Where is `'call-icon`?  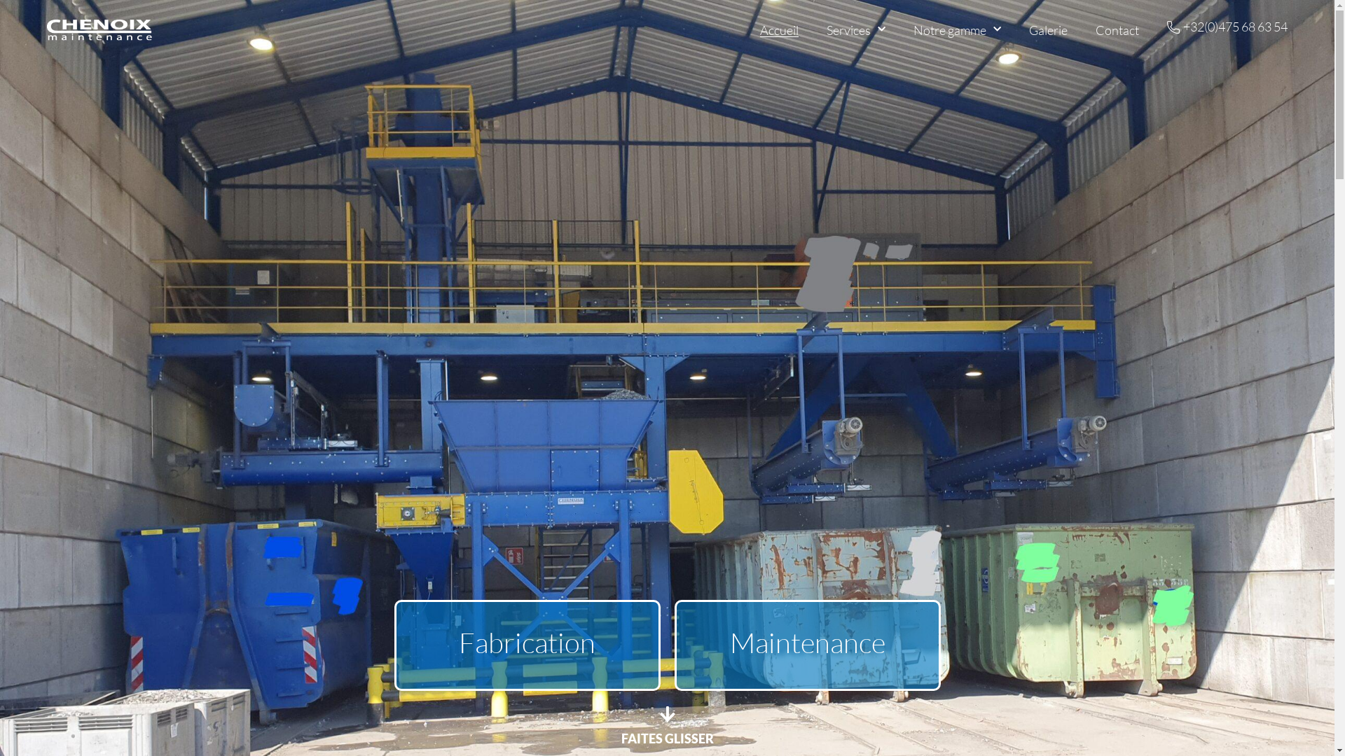
'call-icon is located at coordinates (1227, 27).